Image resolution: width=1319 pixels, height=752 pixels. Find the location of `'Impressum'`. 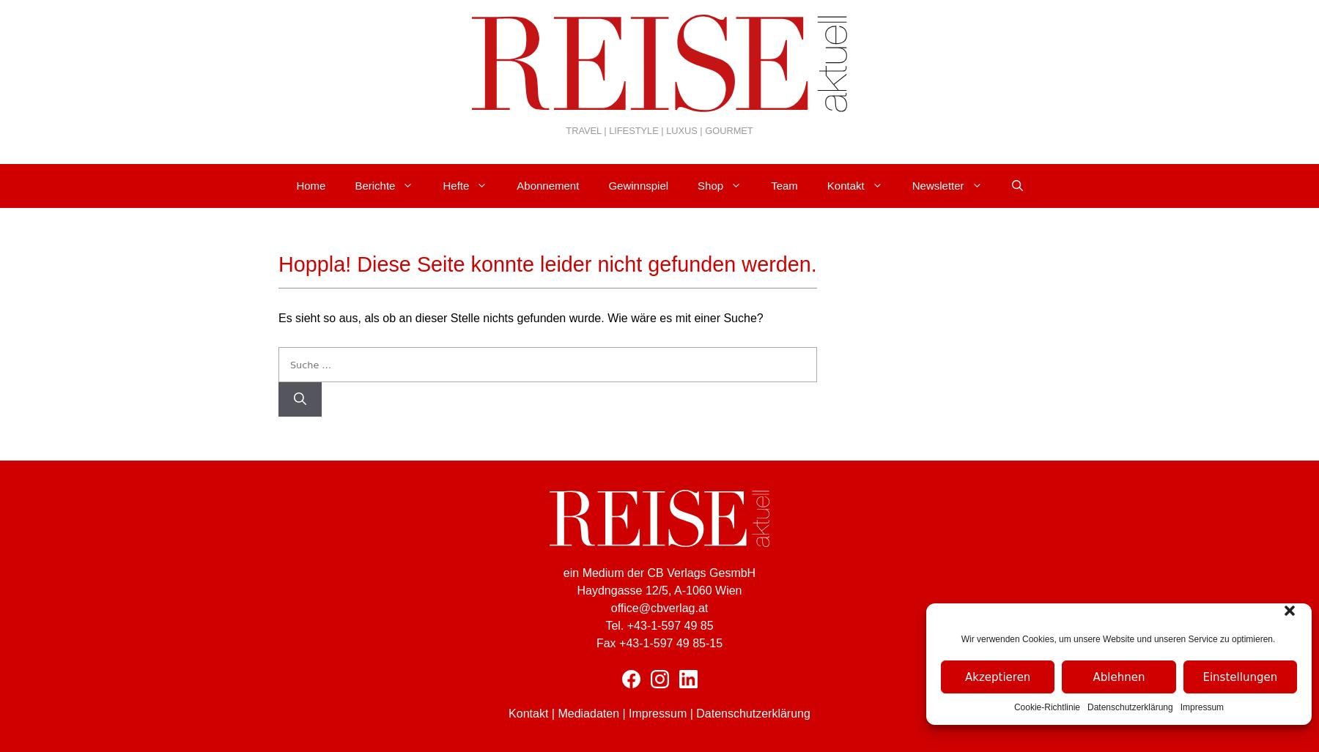

'Impressum' is located at coordinates (657, 712).